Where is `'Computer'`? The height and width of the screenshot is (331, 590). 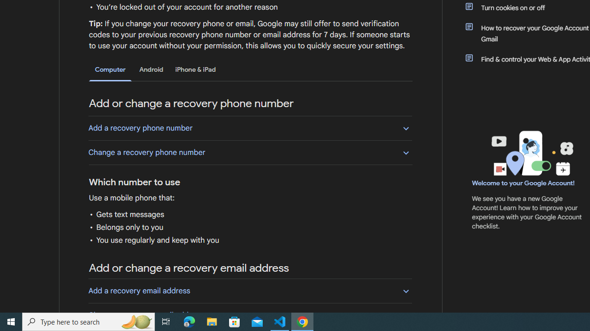
'Computer' is located at coordinates (110, 69).